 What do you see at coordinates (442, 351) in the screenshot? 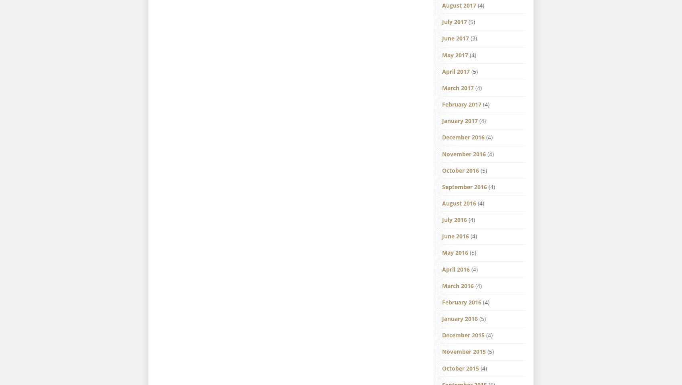
I see `'November 2015'` at bounding box center [442, 351].